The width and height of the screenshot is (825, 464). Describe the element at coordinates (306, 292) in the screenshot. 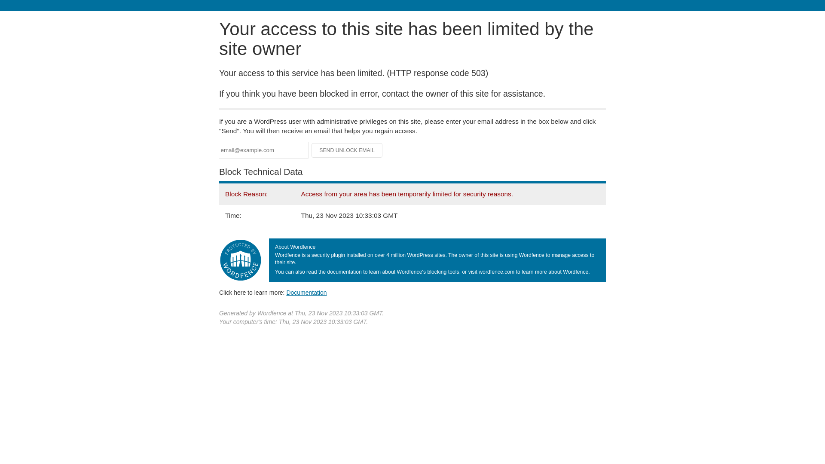

I see `'Documentation'` at that location.